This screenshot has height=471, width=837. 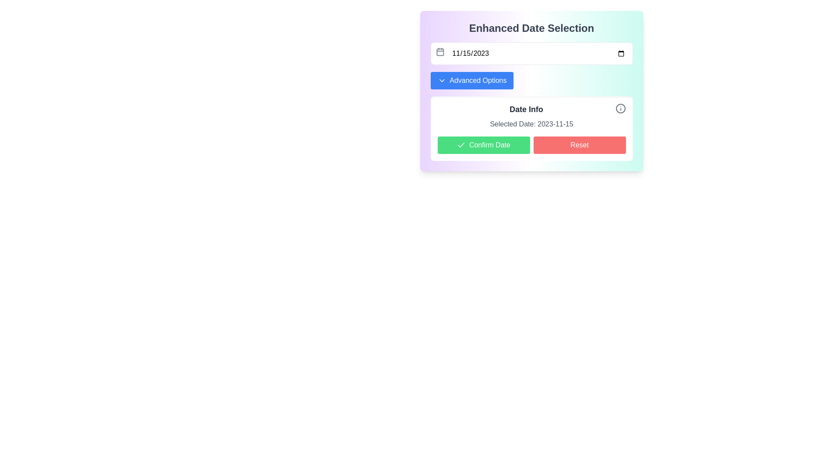 What do you see at coordinates (620, 108) in the screenshot?
I see `the gray circular icon with an outlined ring and a dot located in the top-right corner of the 'Date Info' section` at bounding box center [620, 108].